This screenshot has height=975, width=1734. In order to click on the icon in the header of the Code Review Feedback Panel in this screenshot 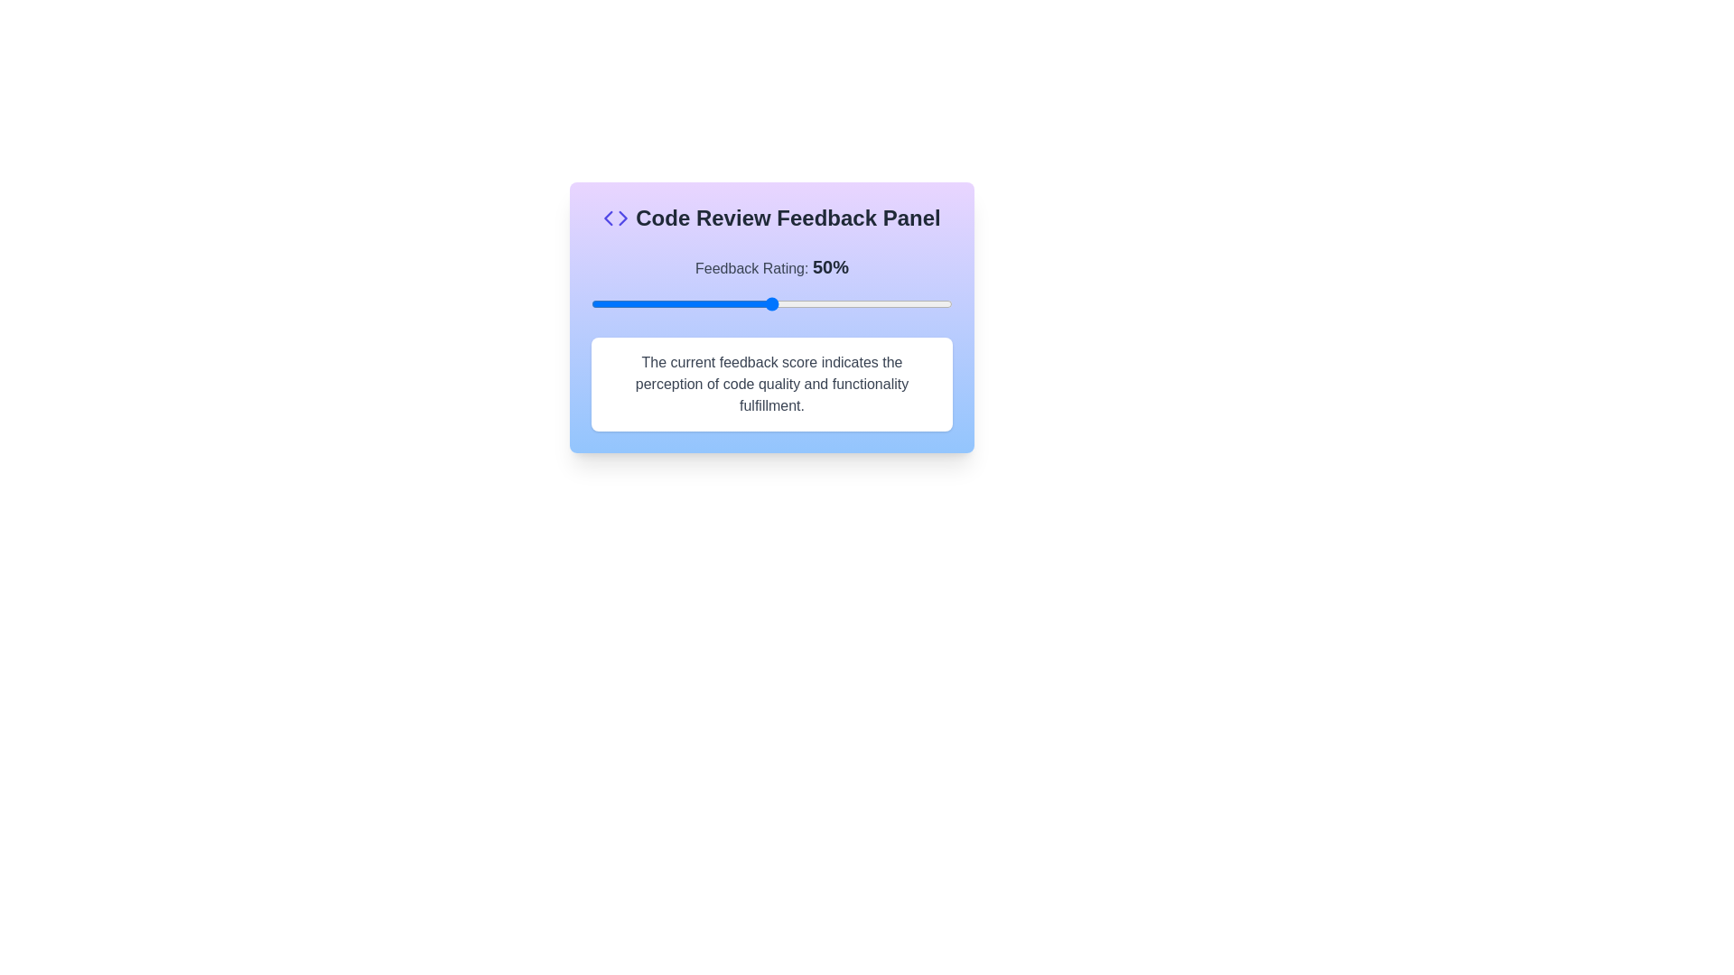, I will do `click(615, 218)`.